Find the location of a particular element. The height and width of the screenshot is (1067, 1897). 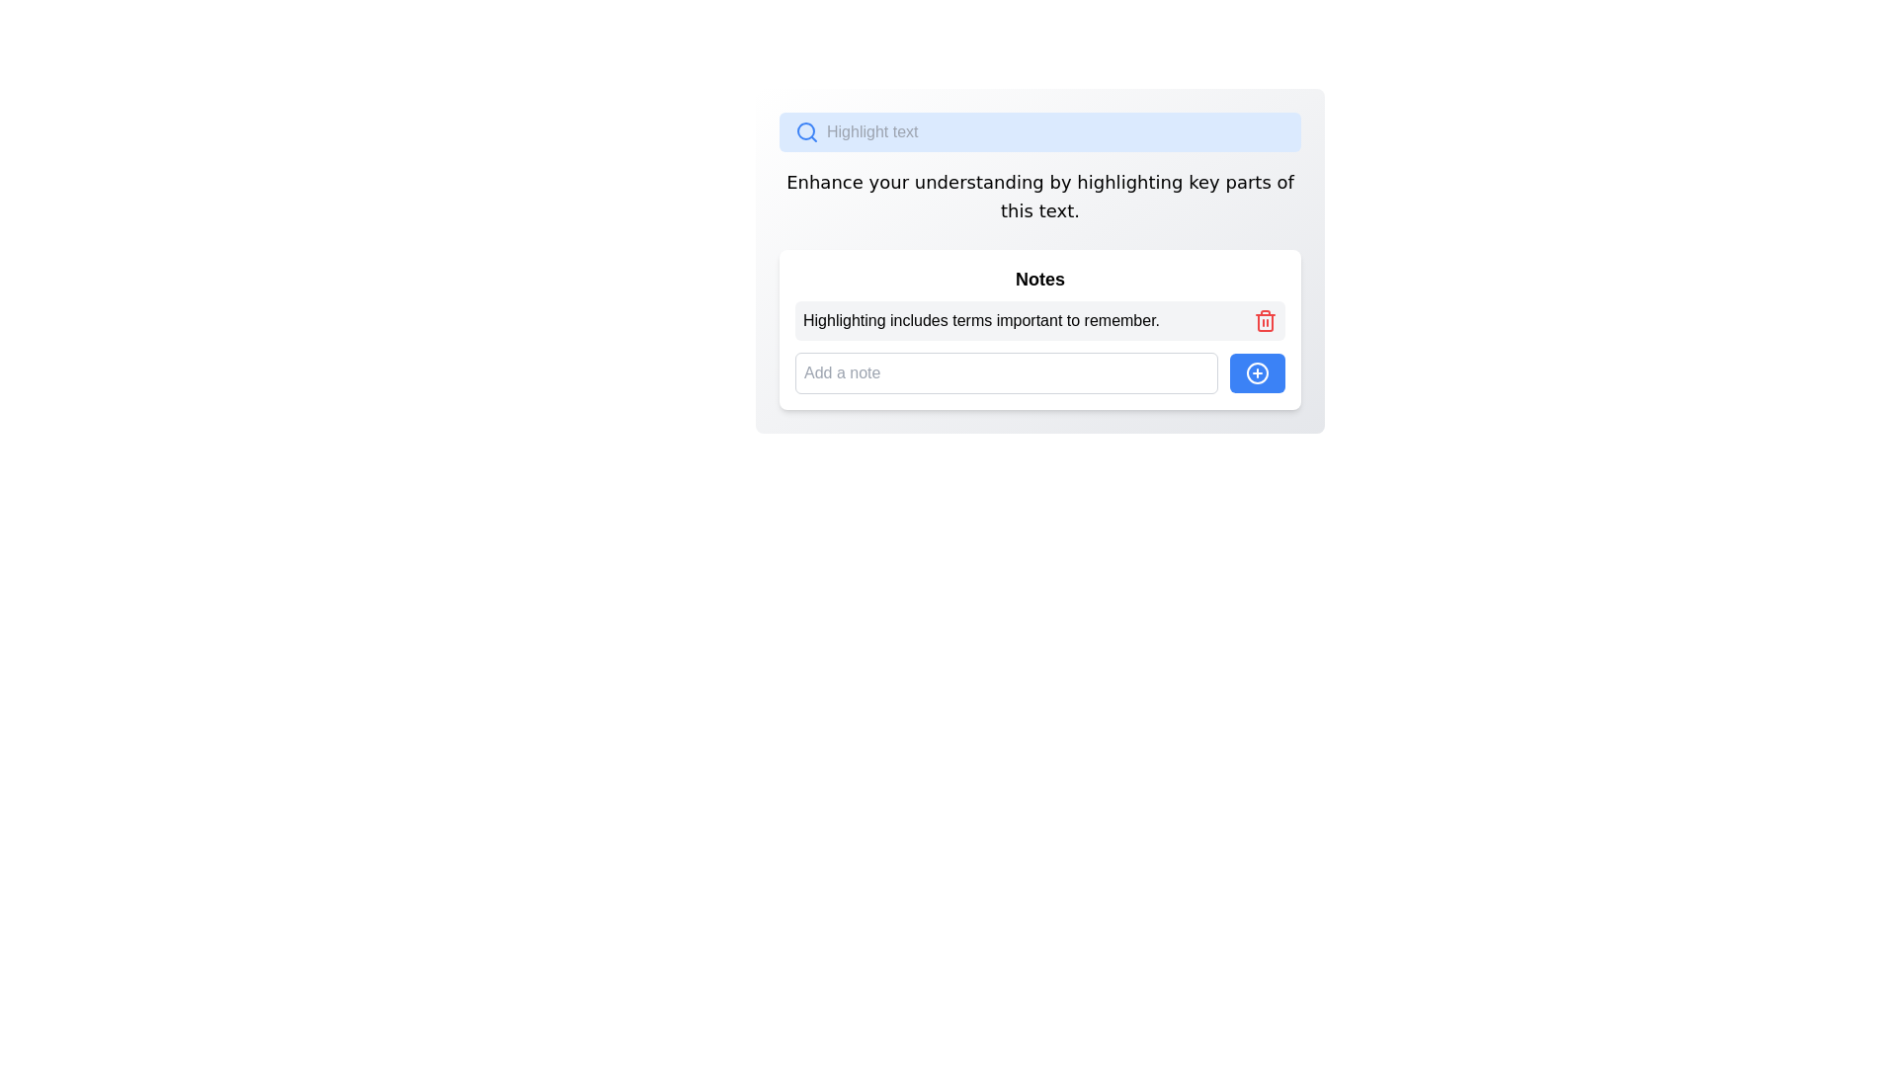

the character 'a' in the word 'understanding' within the text string 'Enhance your understanding by highlighting key parts of this text.' is located at coordinates (988, 182).